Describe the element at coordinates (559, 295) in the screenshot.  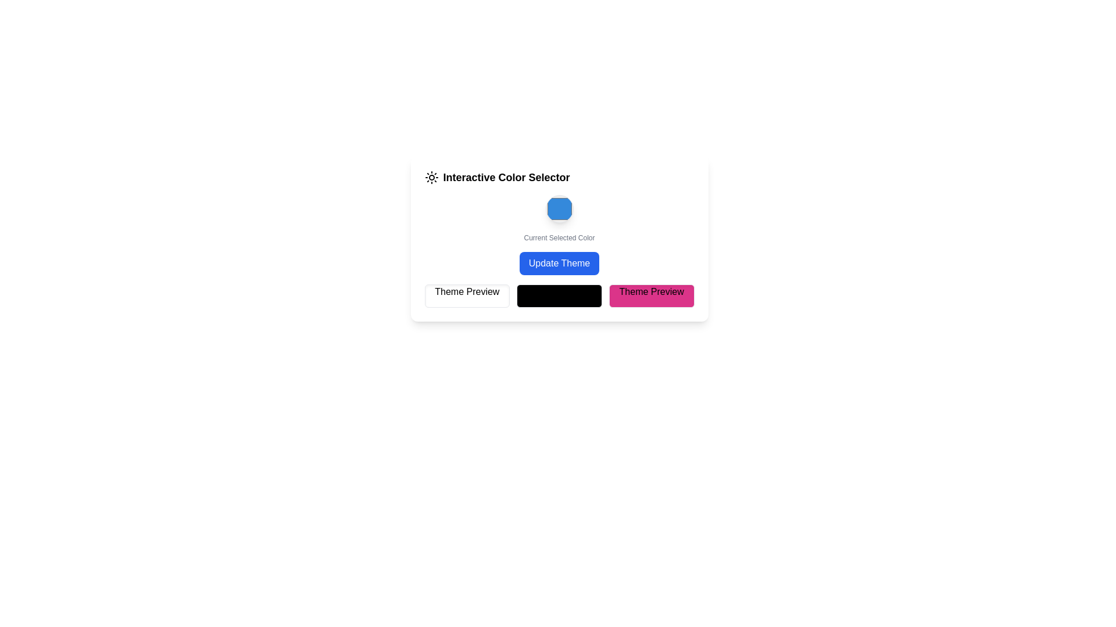
I see `the display block representing a theme with a black background, positioned as the second item in a horizontal group of three blocks, located beneath the 'Update Theme' button` at that location.